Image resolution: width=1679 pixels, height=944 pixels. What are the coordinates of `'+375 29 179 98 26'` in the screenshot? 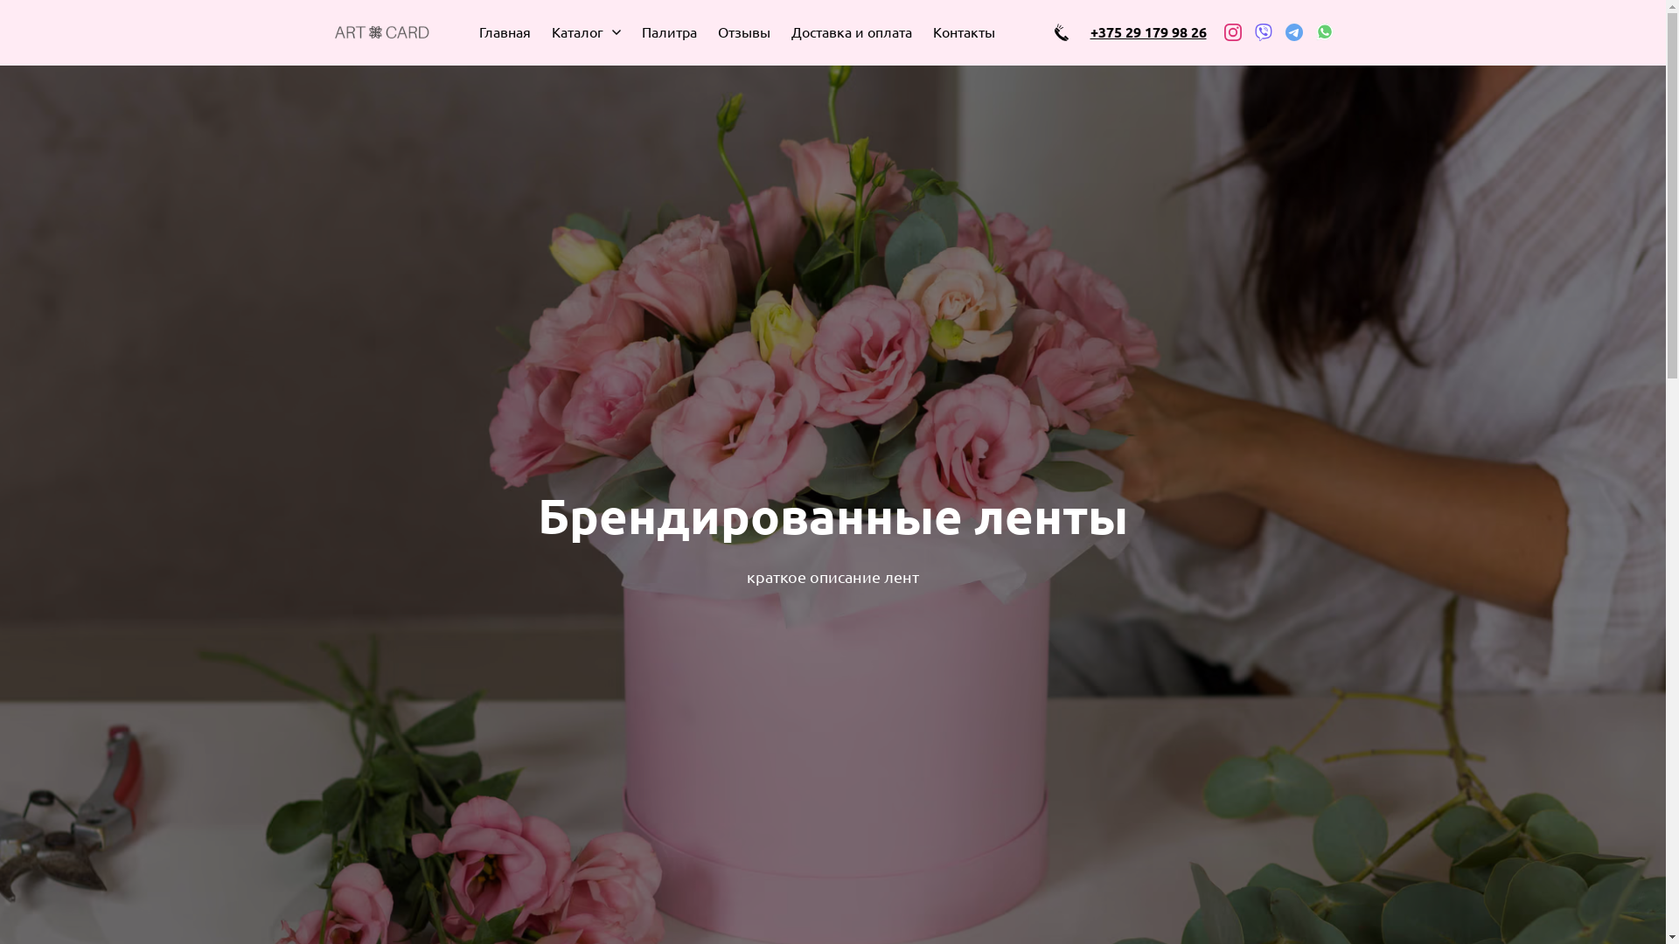 It's located at (1147, 31).